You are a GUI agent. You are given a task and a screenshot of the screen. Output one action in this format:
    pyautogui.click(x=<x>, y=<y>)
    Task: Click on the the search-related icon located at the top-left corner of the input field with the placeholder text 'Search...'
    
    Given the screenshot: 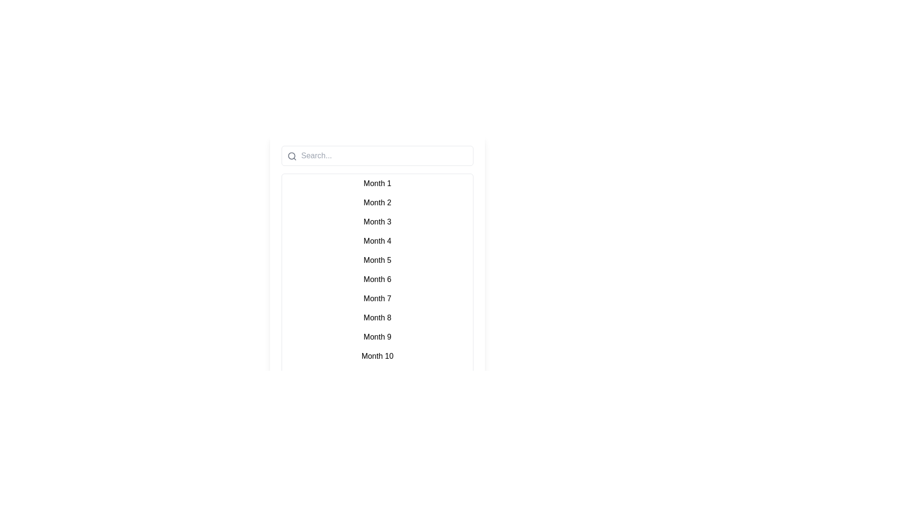 What is the action you would take?
    pyautogui.click(x=292, y=156)
    